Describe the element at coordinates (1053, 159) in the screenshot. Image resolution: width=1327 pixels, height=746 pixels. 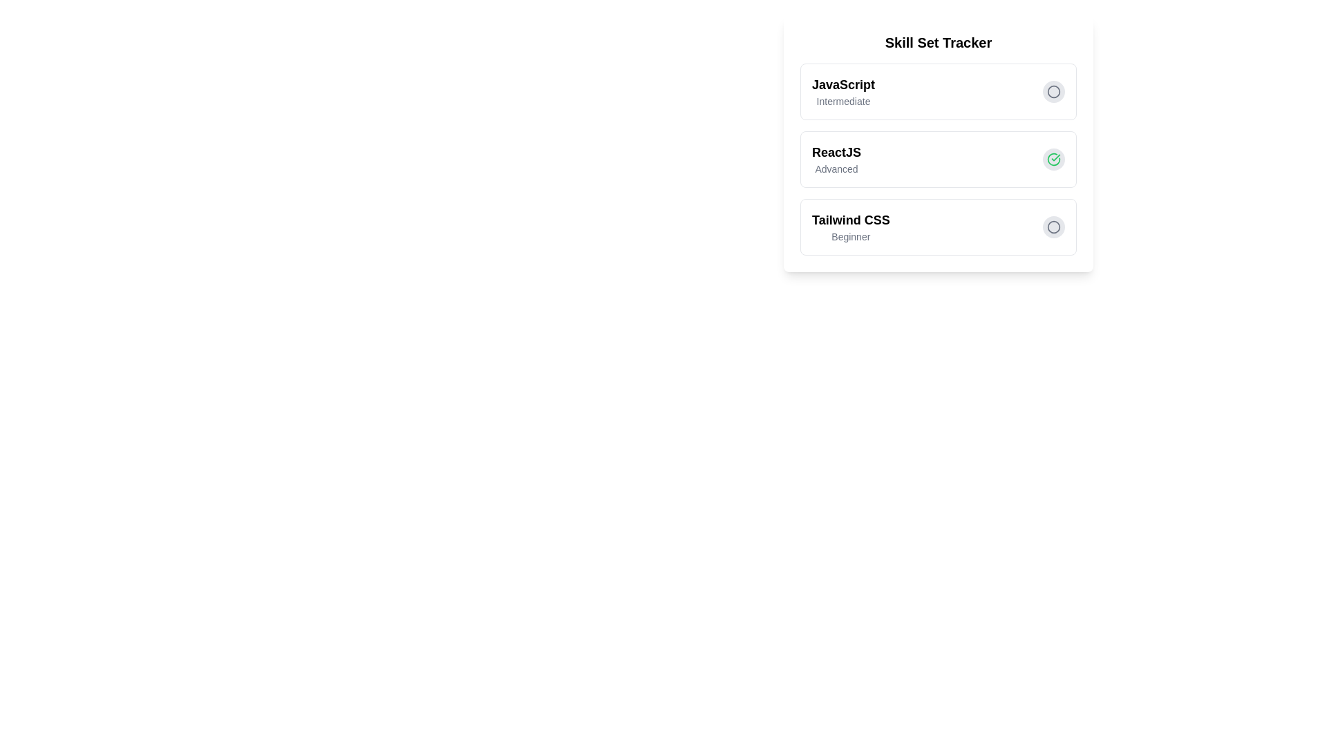
I see `the confirmation icon located within the second item of the 'Skill Set Tracker' list` at that location.